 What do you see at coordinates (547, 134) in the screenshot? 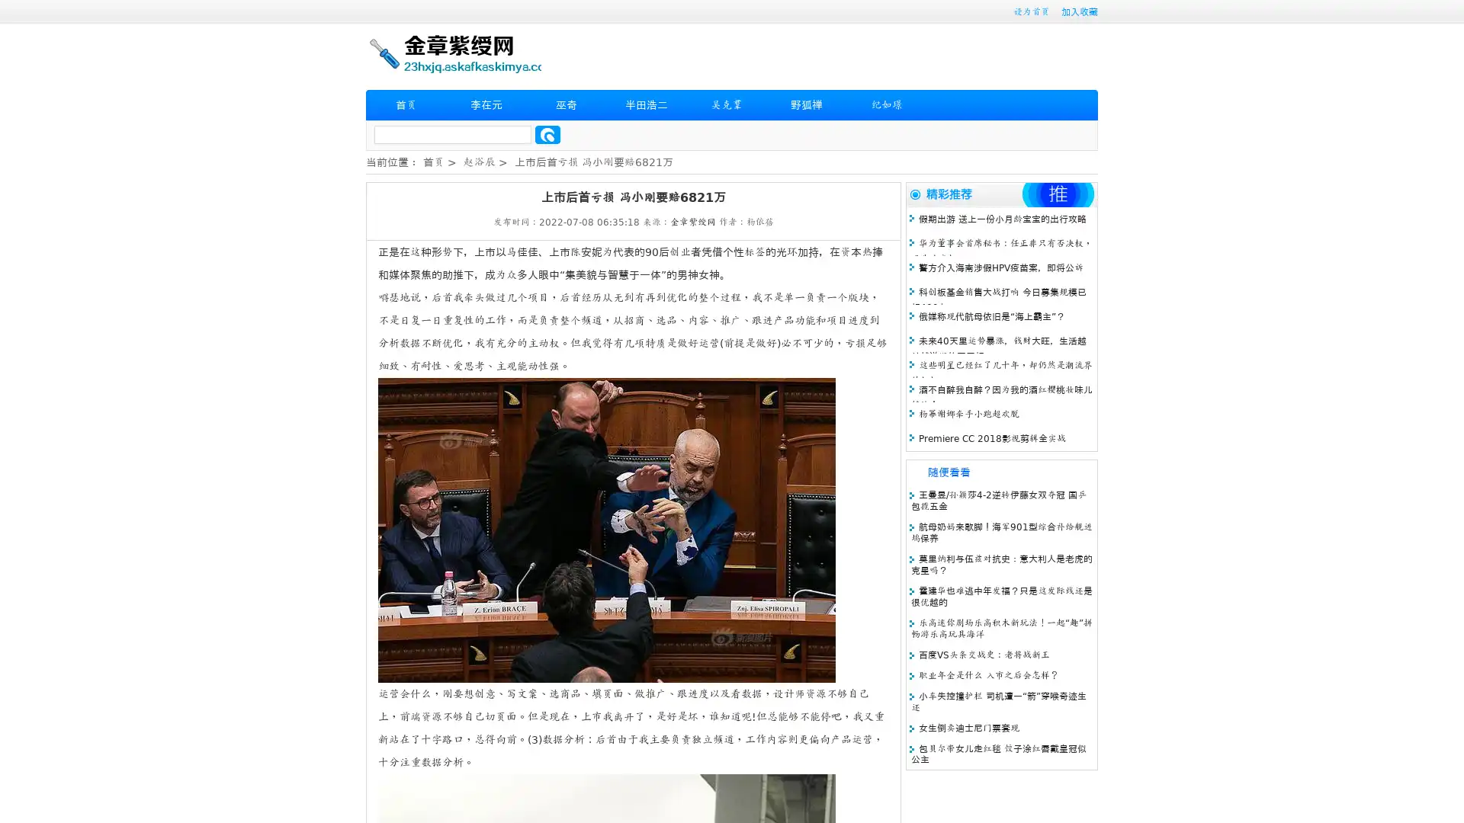
I see `Search` at bounding box center [547, 134].